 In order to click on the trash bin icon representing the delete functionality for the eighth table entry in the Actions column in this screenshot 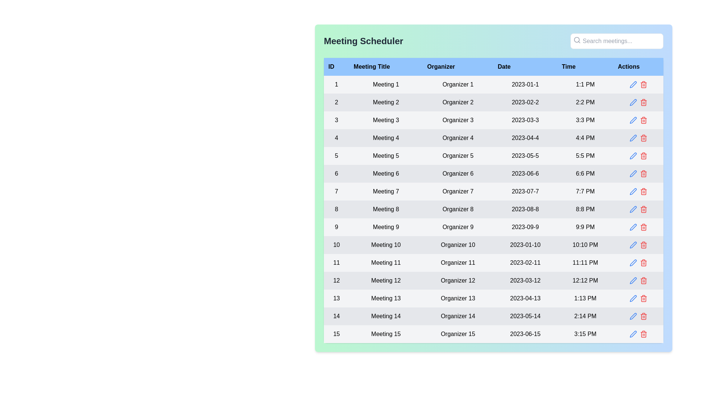, I will do `click(643, 210)`.